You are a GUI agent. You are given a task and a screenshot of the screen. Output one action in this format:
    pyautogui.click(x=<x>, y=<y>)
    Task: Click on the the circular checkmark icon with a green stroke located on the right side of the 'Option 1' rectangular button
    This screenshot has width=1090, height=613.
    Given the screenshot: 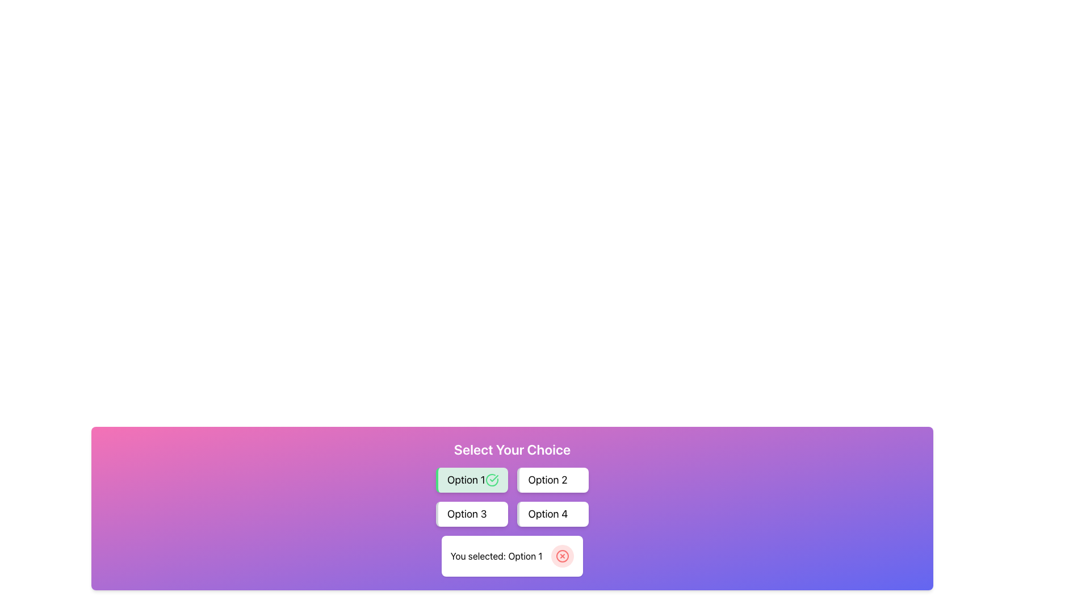 What is the action you would take?
    pyautogui.click(x=492, y=480)
    